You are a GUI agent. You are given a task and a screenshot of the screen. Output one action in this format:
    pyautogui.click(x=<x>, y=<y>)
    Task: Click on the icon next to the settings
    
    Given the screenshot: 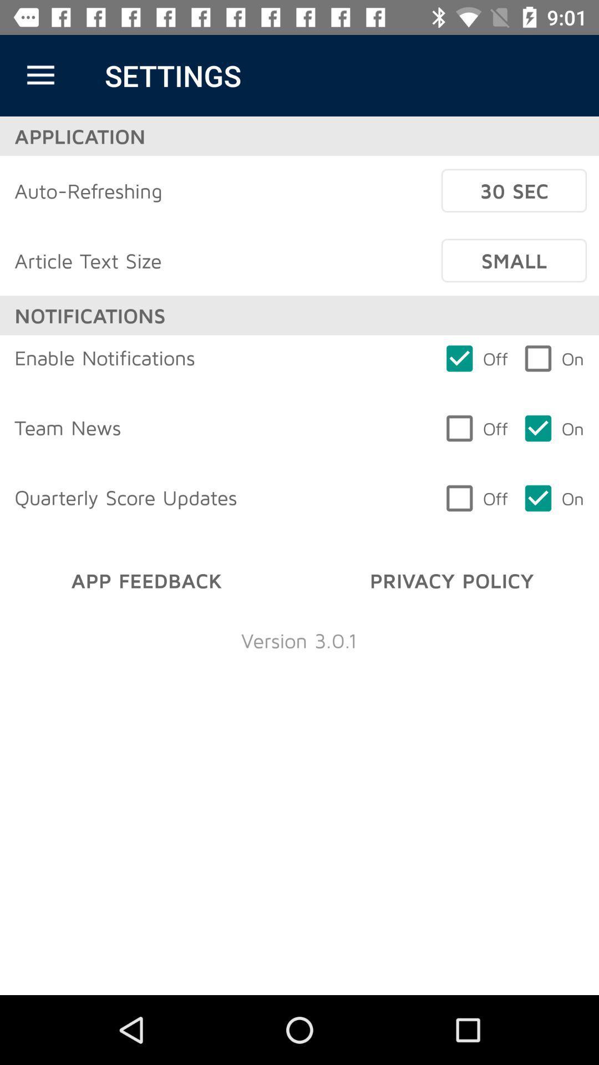 What is the action you would take?
    pyautogui.click(x=40, y=75)
    